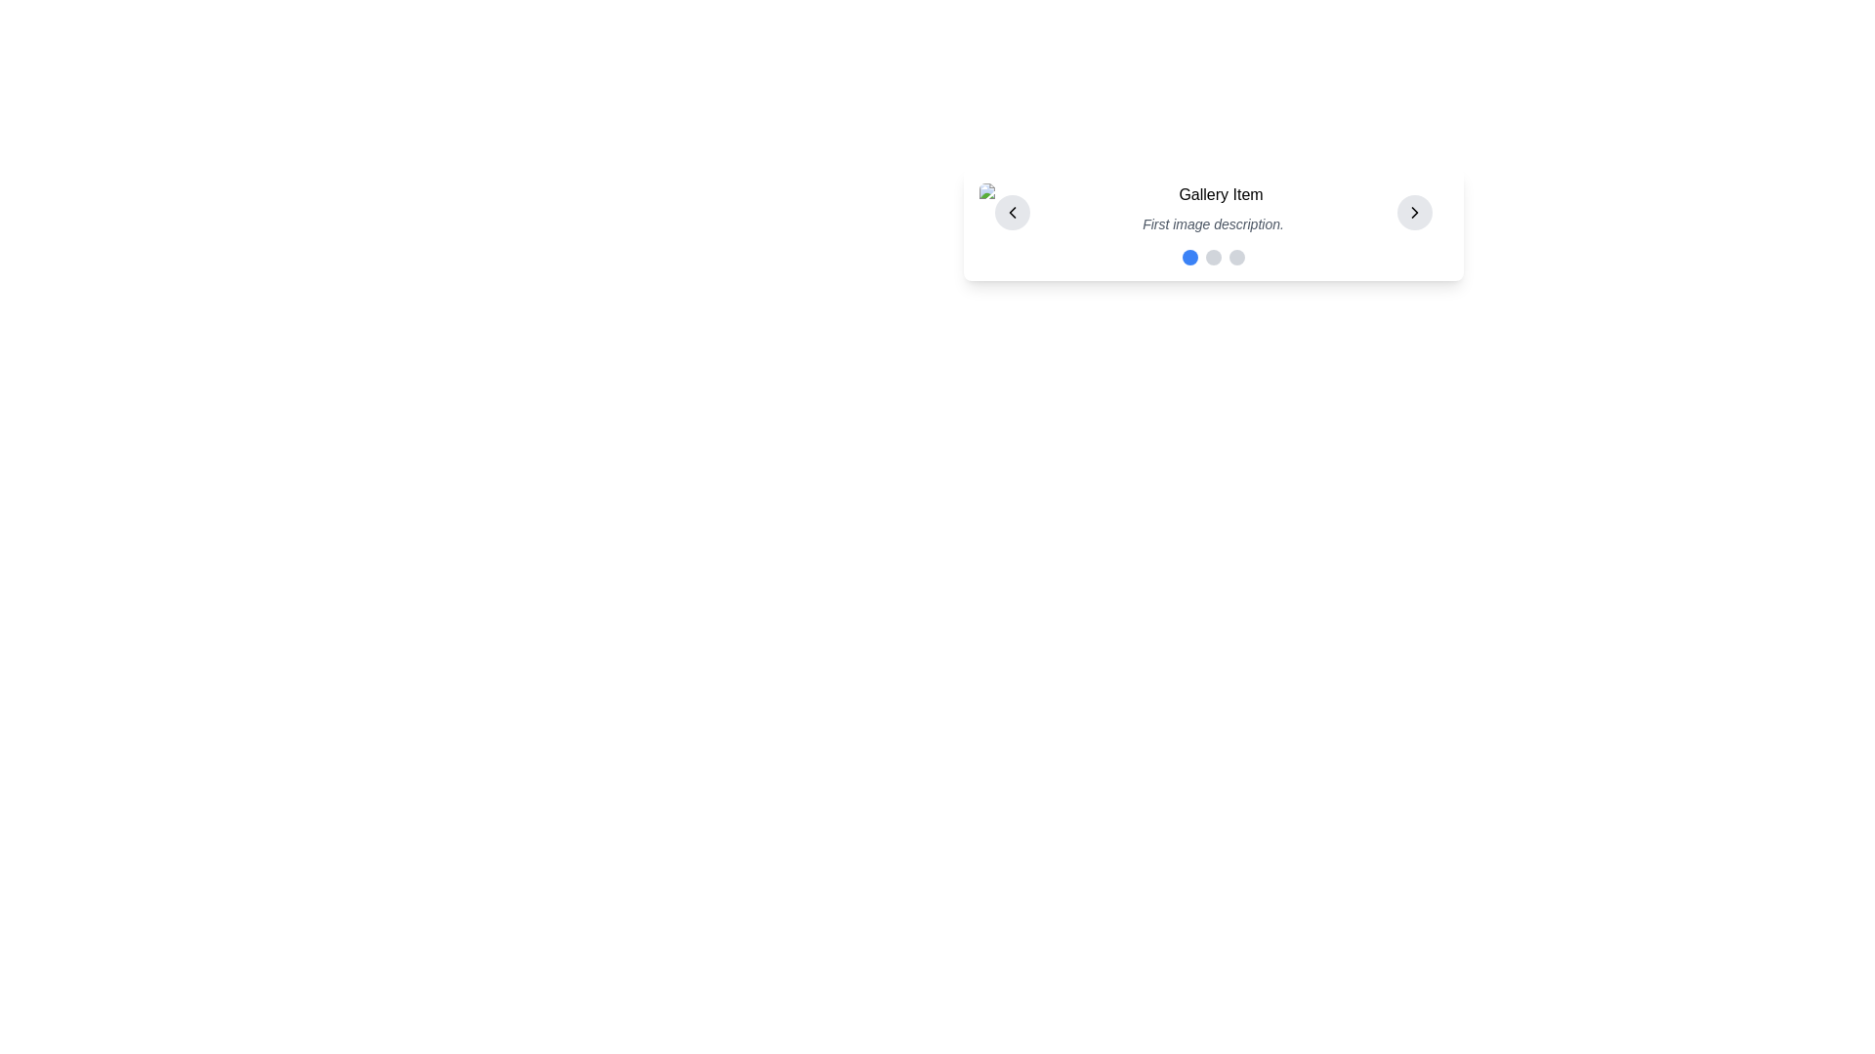 The width and height of the screenshot is (1875, 1054). I want to click on the rightmost carousel indicator circle representing the third item in the sequence, so click(1235, 256).